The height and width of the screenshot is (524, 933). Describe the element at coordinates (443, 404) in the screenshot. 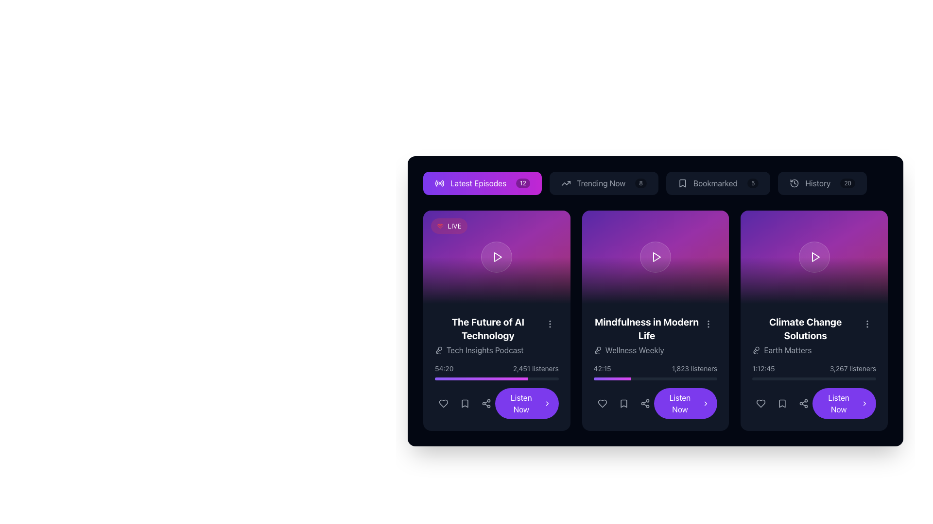

I see `the heart icon located at the bottom-left corner of the first content card` at that location.